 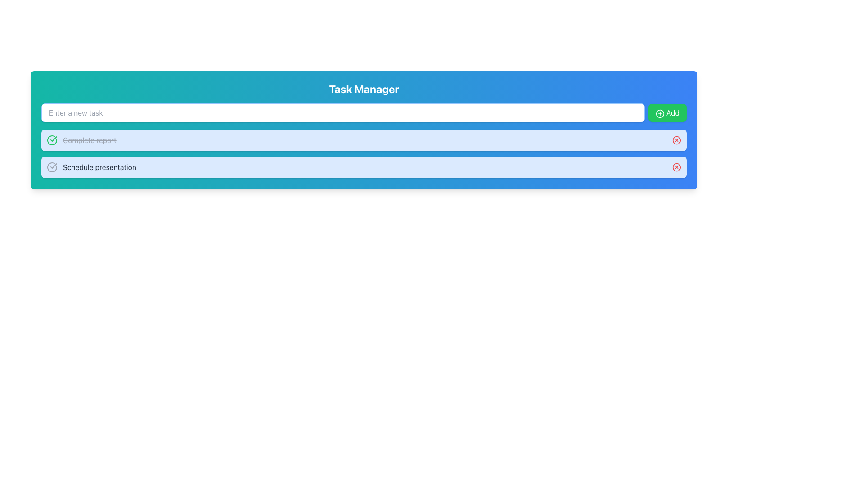 What do you see at coordinates (51, 167) in the screenshot?
I see `the circular icon button with a checkmark that is part of the task management list, located to the left of the text 'Schedule presentation' in the third row` at bounding box center [51, 167].